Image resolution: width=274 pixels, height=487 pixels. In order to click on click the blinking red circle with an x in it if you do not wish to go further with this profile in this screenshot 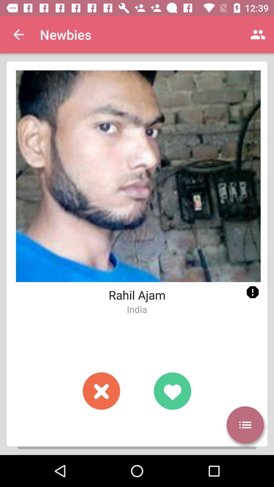, I will do `click(101, 391)`.